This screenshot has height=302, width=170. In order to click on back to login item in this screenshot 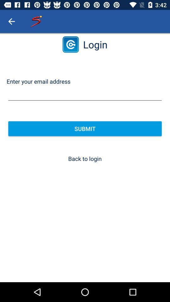, I will do `click(85, 158)`.